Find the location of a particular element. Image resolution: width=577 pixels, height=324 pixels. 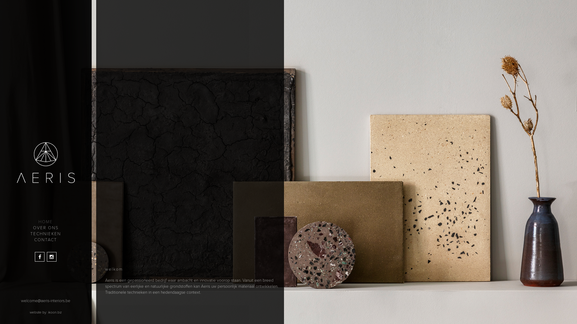

'Facebook' is located at coordinates (39, 256).